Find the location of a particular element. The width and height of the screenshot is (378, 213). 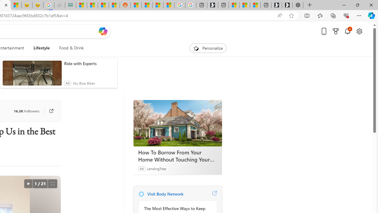

'These 3 Stocks Pay You More Than 5% to Own Them' is located at coordinates (255, 5).